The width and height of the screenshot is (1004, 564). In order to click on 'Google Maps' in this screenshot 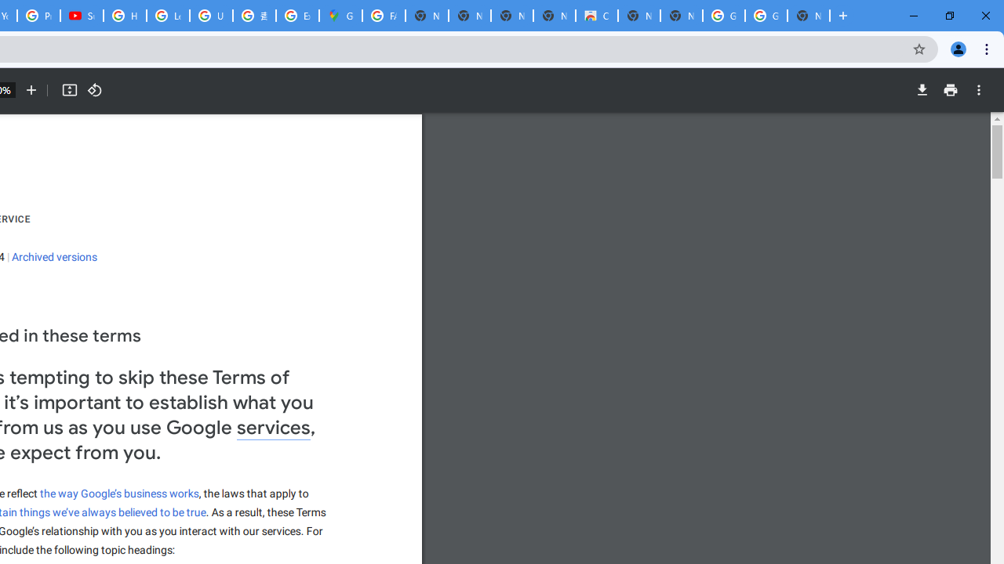, I will do `click(340, 16)`.